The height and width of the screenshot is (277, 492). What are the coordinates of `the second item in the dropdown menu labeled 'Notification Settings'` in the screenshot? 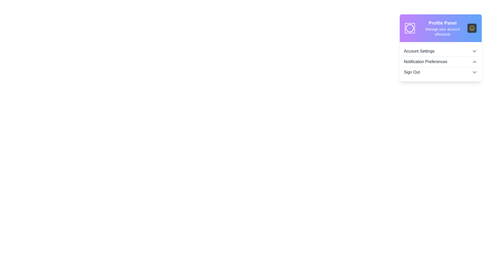 It's located at (425, 61).